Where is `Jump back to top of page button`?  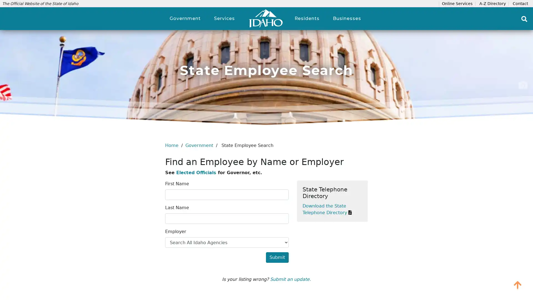 Jump back to top of page button is located at coordinates (517, 285).